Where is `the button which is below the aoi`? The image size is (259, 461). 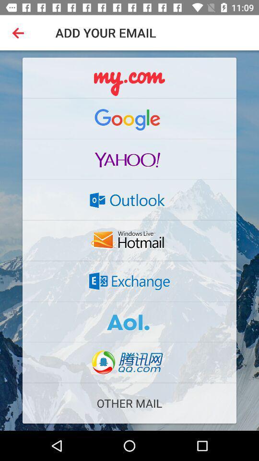
the button which is below the aoi is located at coordinates (129, 362).